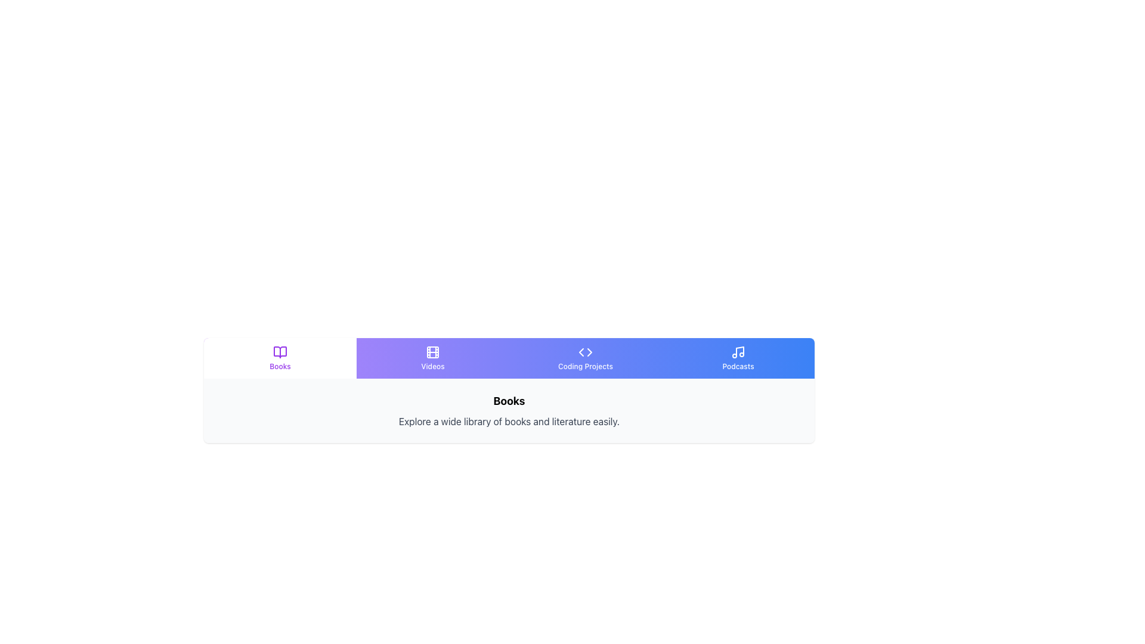 This screenshot has height=644, width=1145. Describe the element at coordinates (738, 366) in the screenshot. I see `the 'Podcasts' text label located in the rightmost subsection of the horizontal menu bar, beneath the music icon` at that location.